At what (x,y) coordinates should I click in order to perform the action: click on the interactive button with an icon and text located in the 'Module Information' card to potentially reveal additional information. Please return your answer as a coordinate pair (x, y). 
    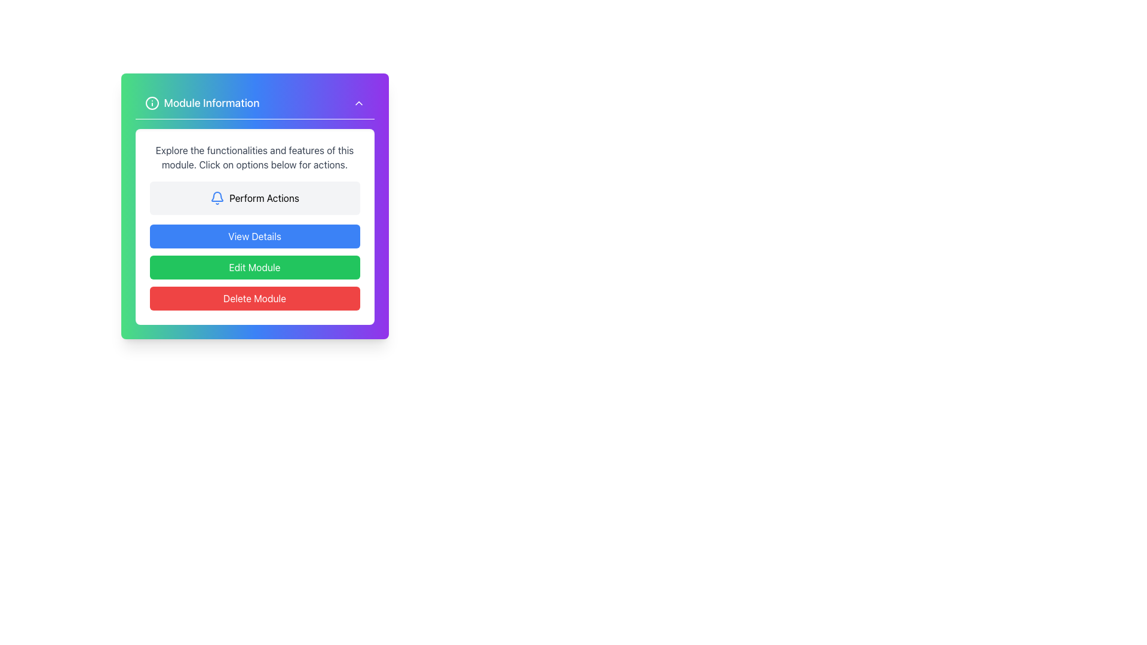
    Looking at the image, I should click on (254, 197).